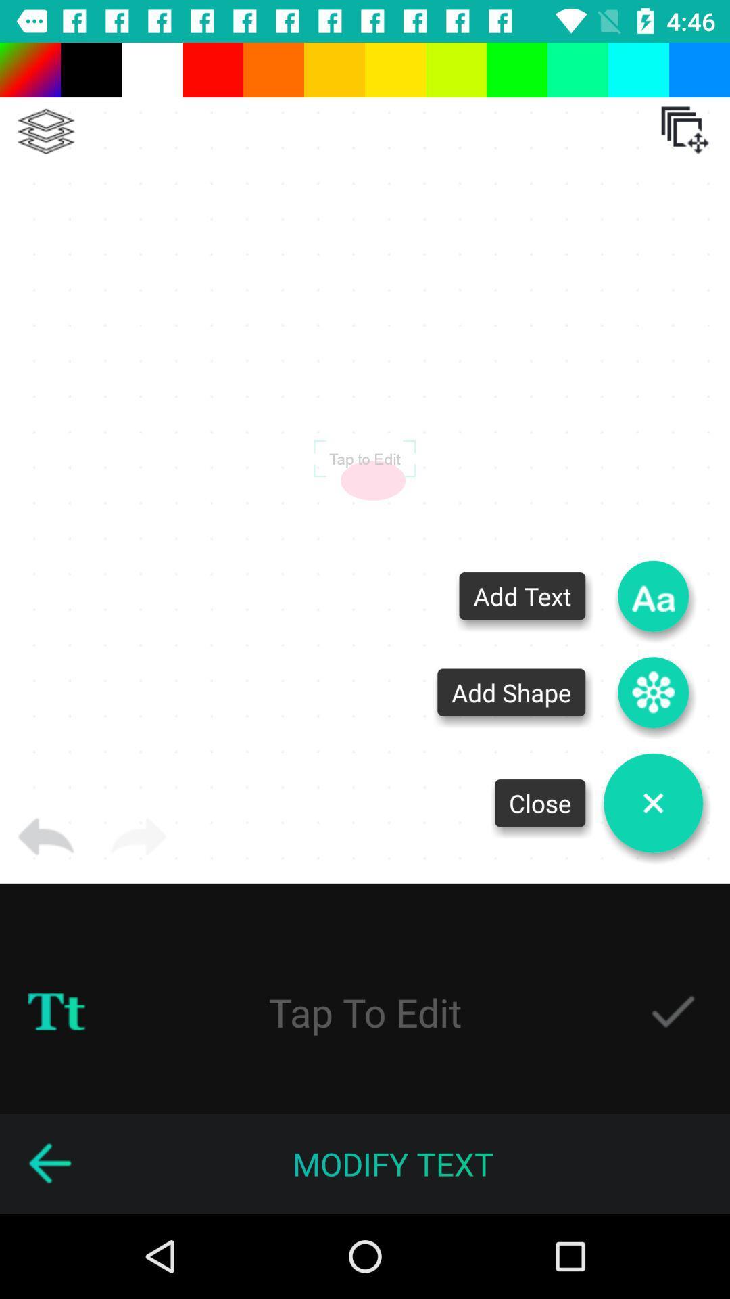  What do you see at coordinates (653, 595) in the screenshot?
I see `the add text icon` at bounding box center [653, 595].